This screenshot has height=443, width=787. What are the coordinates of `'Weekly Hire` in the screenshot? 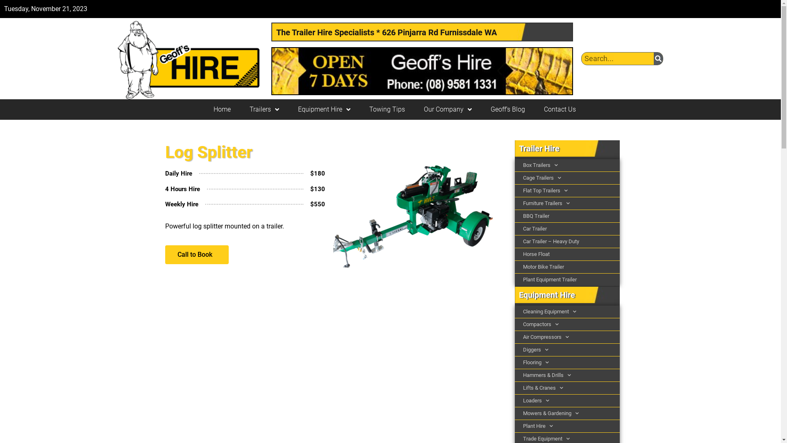 It's located at (244, 206).